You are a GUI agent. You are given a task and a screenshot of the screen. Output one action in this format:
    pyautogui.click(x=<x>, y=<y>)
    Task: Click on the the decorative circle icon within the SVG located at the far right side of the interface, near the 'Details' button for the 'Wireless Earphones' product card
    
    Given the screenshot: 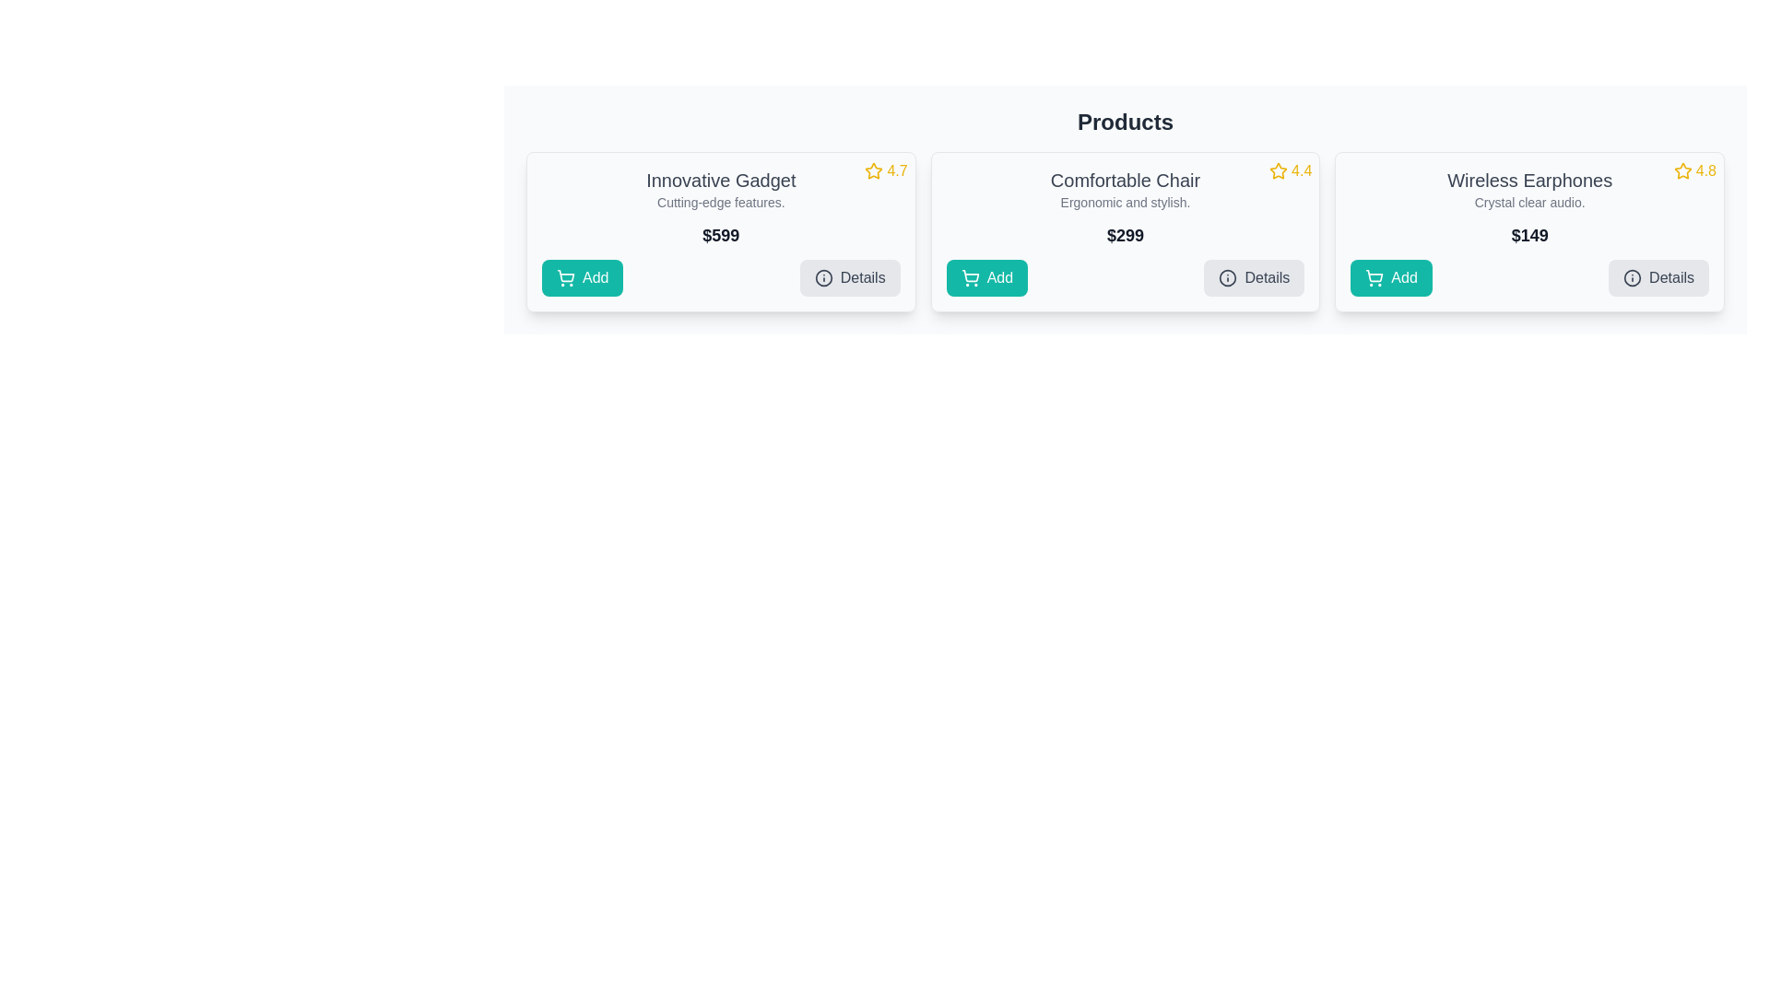 What is the action you would take?
    pyautogui.click(x=1633, y=277)
    